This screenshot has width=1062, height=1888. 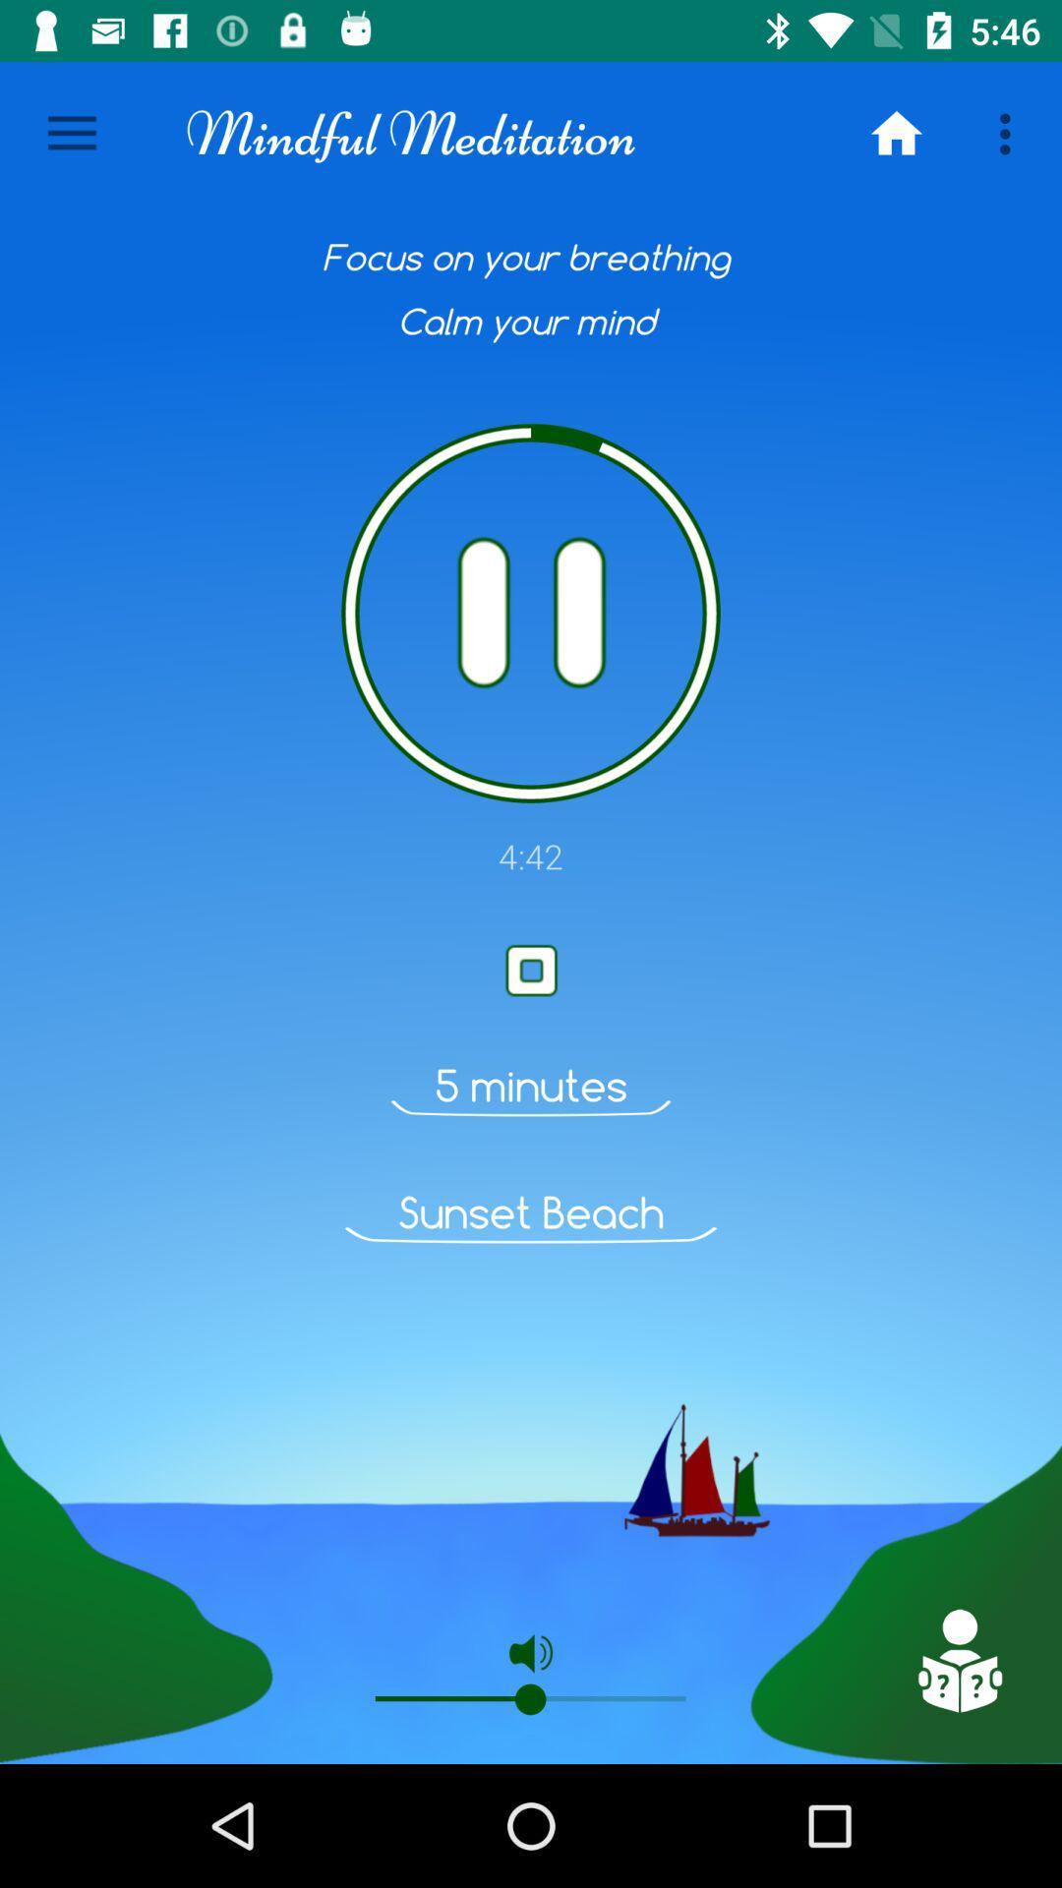 I want to click on button, so click(x=531, y=971).